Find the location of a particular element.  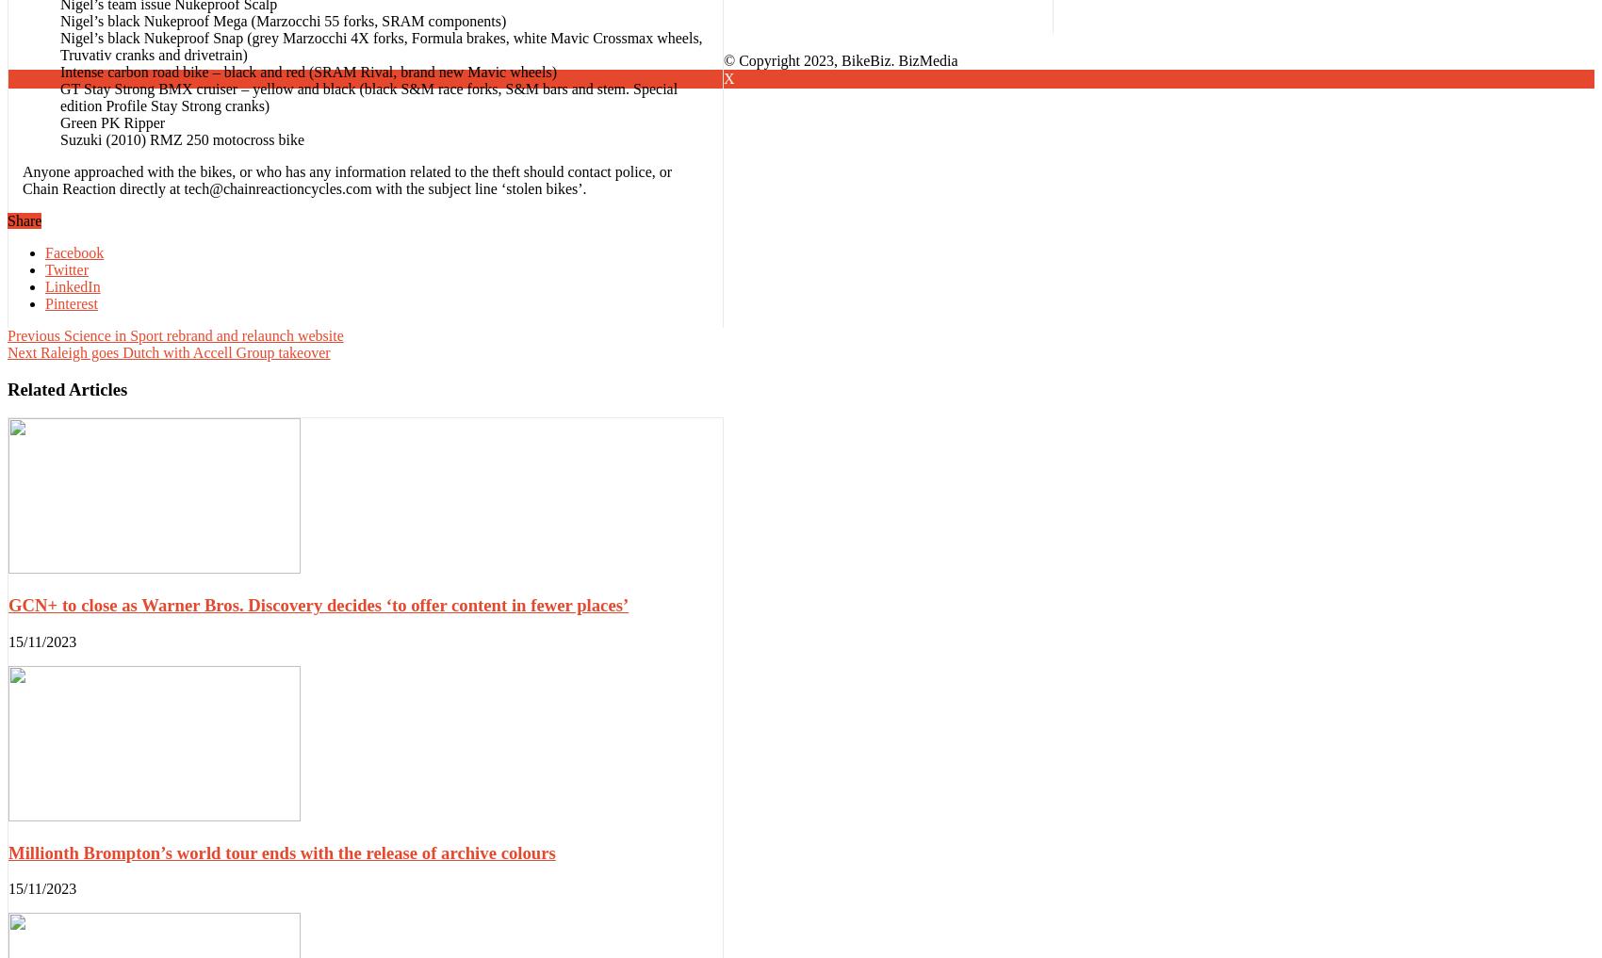

'Green PK Ripper' is located at coordinates (111, 121).